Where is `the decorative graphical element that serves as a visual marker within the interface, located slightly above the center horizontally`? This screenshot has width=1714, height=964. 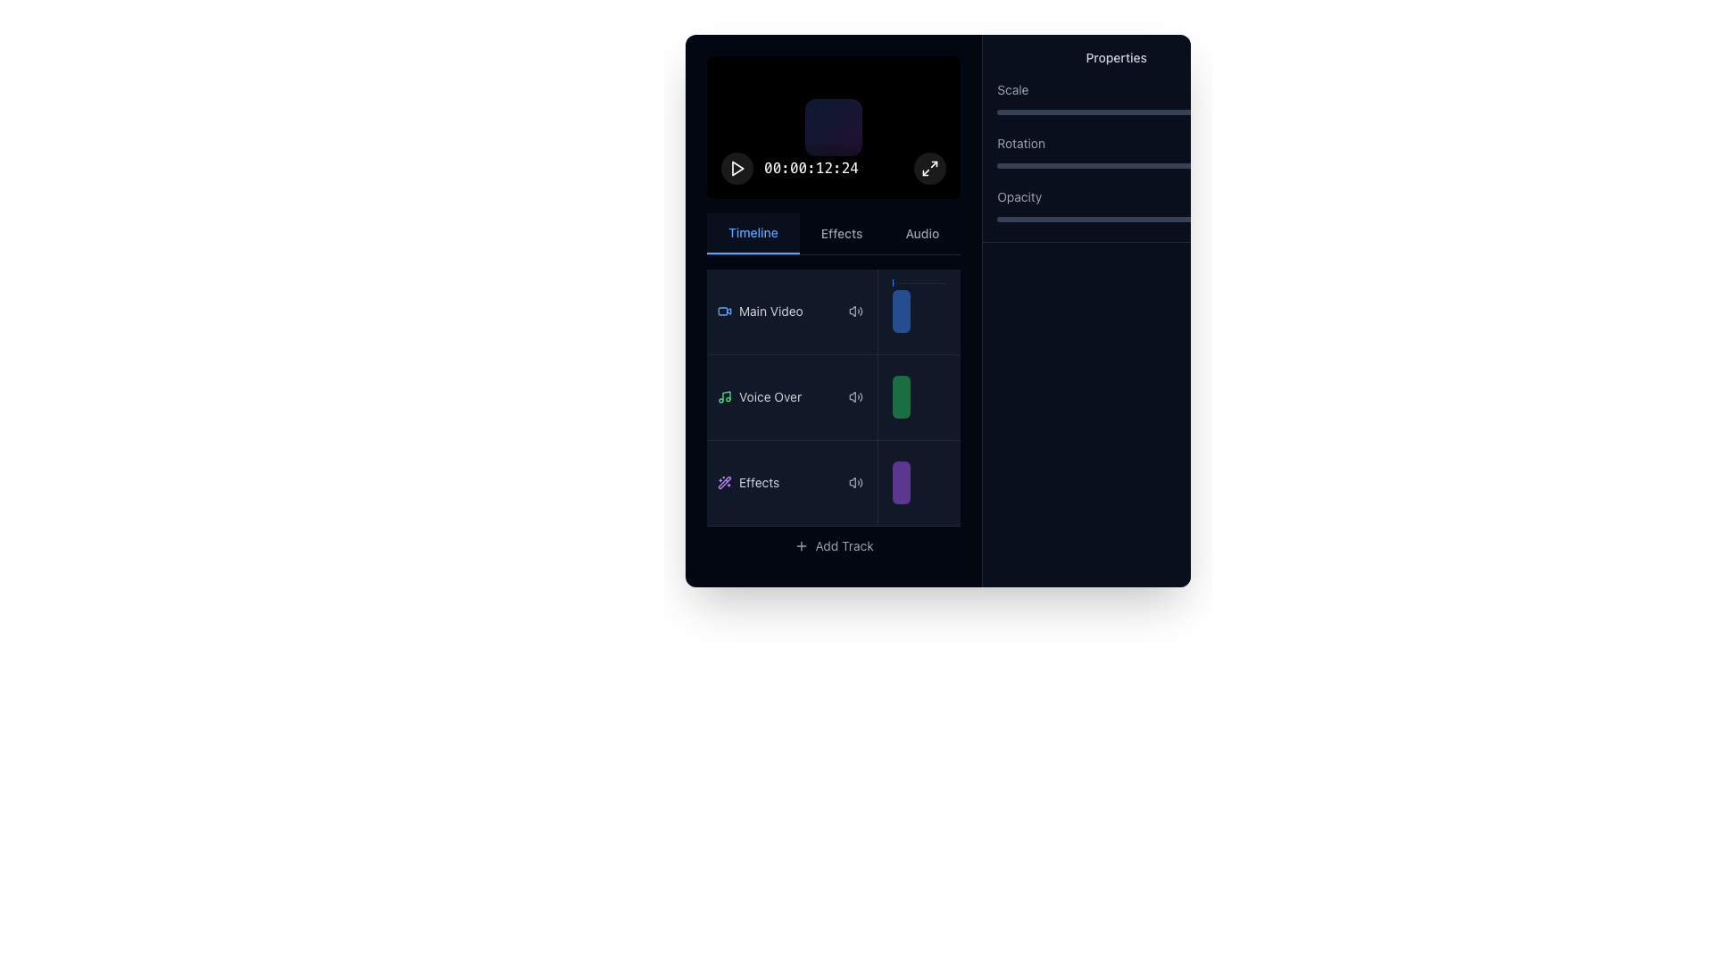
the decorative graphical element that serves as a visual marker within the interface, located slightly above the center horizontally is located at coordinates (833, 126).